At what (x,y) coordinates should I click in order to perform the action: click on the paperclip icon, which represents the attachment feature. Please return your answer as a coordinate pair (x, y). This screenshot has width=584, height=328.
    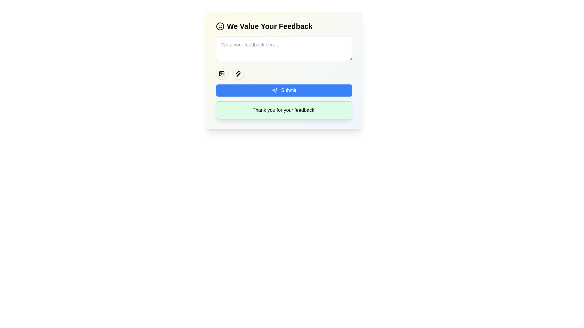
    Looking at the image, I should click on (238, 73).